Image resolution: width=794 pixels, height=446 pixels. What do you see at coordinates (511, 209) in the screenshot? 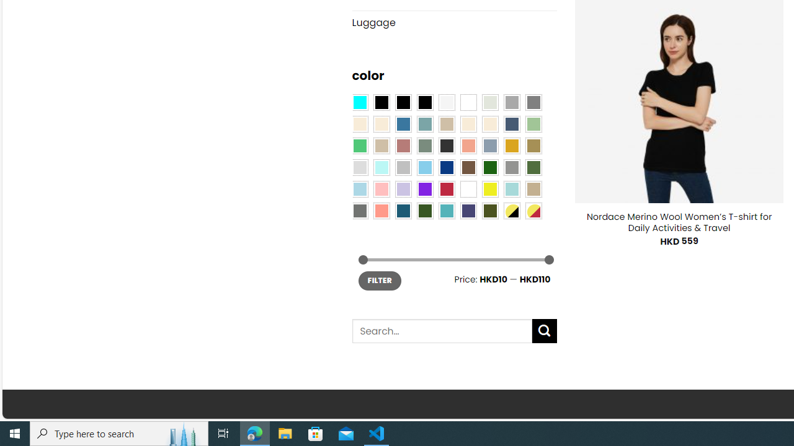
I see `'Yellow-Black'` at bounding box center [511, 209].